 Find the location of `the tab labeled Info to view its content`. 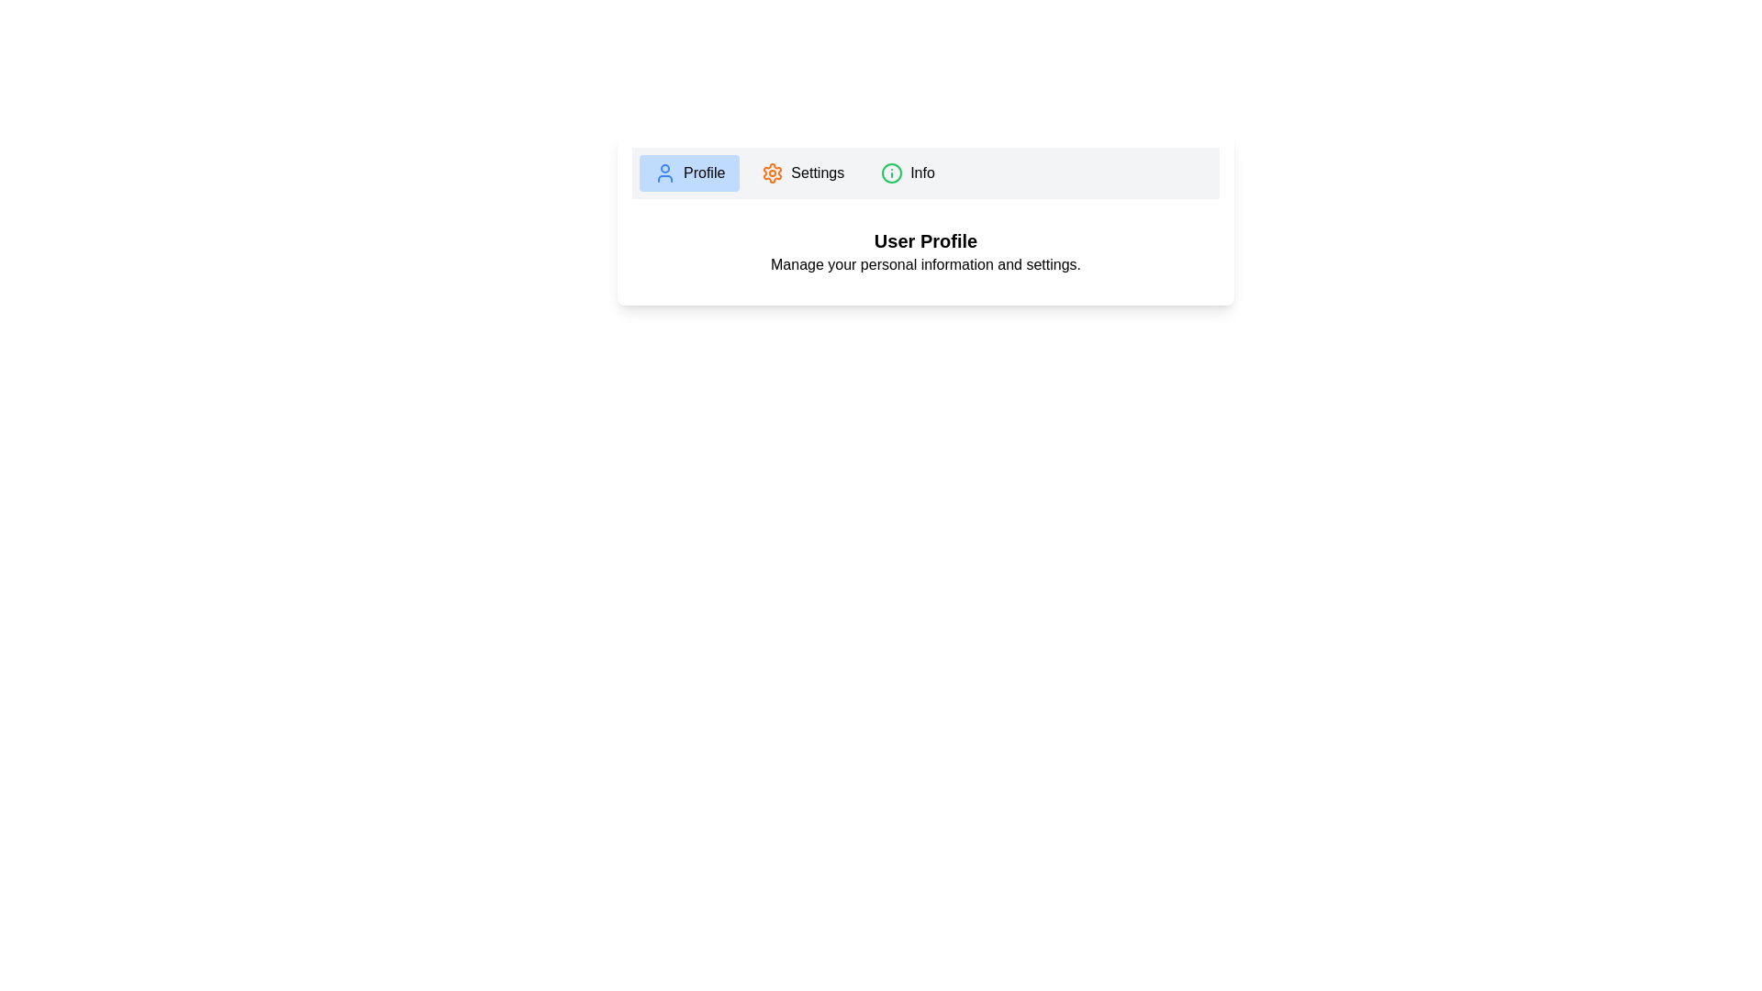

the tab labeled Info to view its content is located at coordinates (908, 173).